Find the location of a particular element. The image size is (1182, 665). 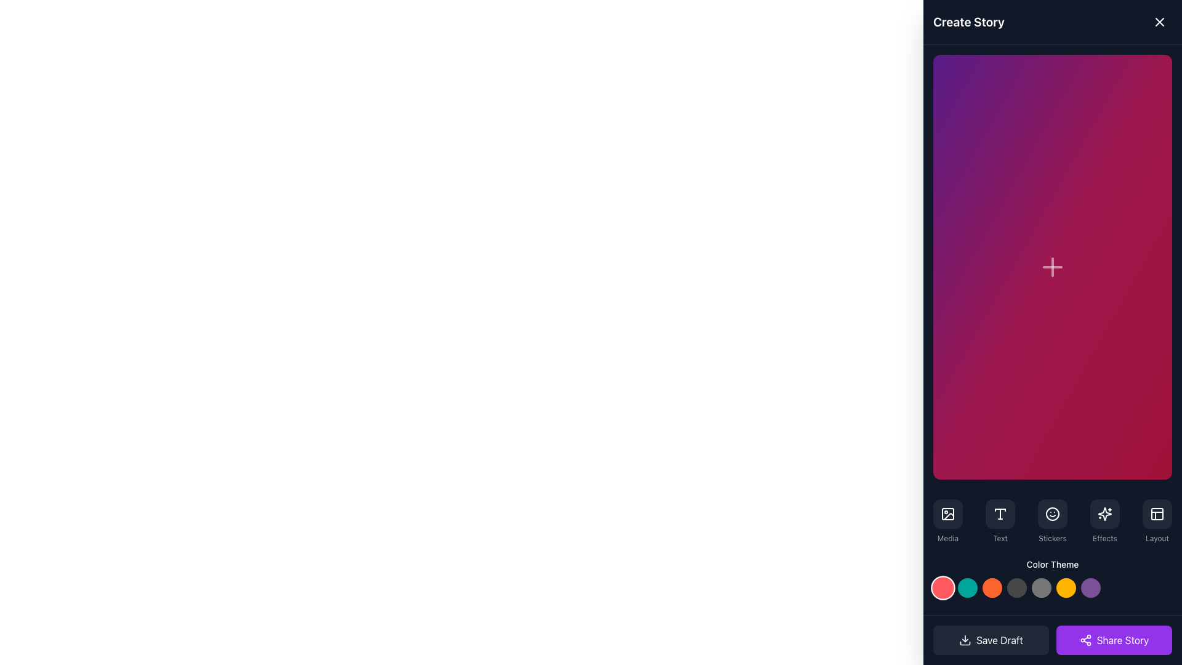

the download icon located on the left side of the 'Save Draft' button in the bottom-left area of the control bar is located at coordinates (965, 640).